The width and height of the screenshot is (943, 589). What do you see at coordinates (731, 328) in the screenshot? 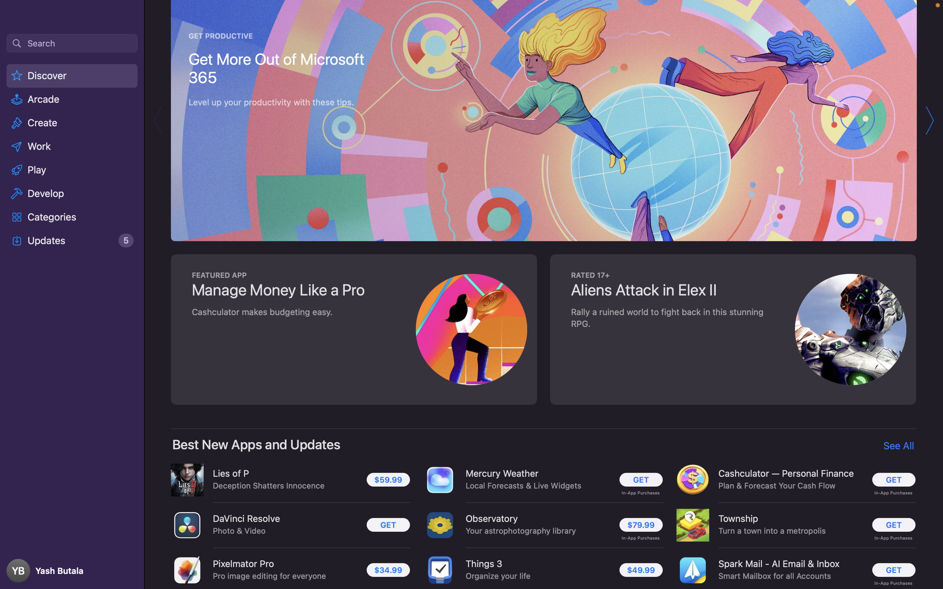
I see `the "Aliens Attack in Alex II"` at bounding box center [731, 328].